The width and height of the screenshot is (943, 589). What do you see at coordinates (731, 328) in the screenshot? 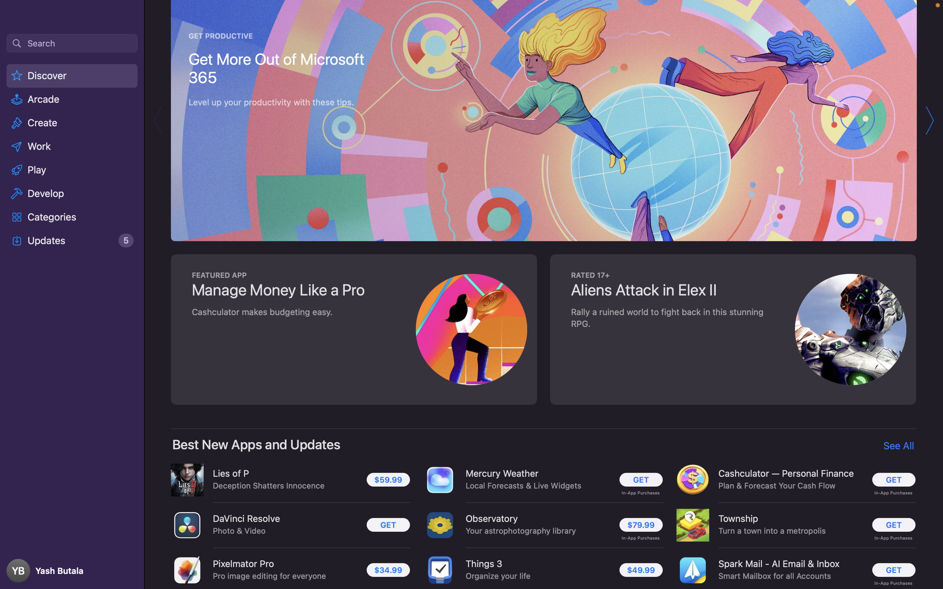
I see `the "Aliens Attack in Alex II"` at bounding box center [731, 328].